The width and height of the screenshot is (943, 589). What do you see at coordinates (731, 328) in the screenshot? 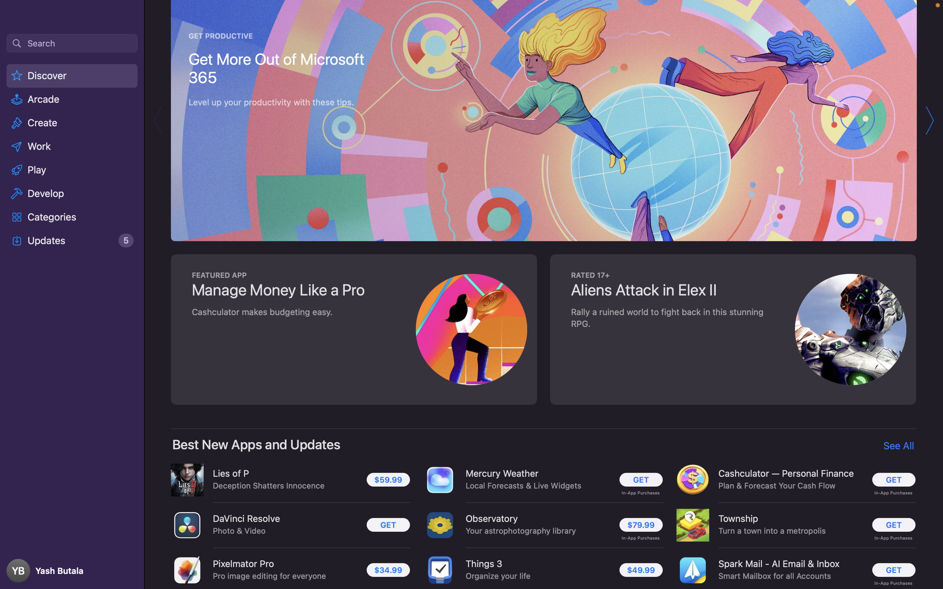
I see `the "Aliens Attack in Alex II"` at bounding box center [731, 328].